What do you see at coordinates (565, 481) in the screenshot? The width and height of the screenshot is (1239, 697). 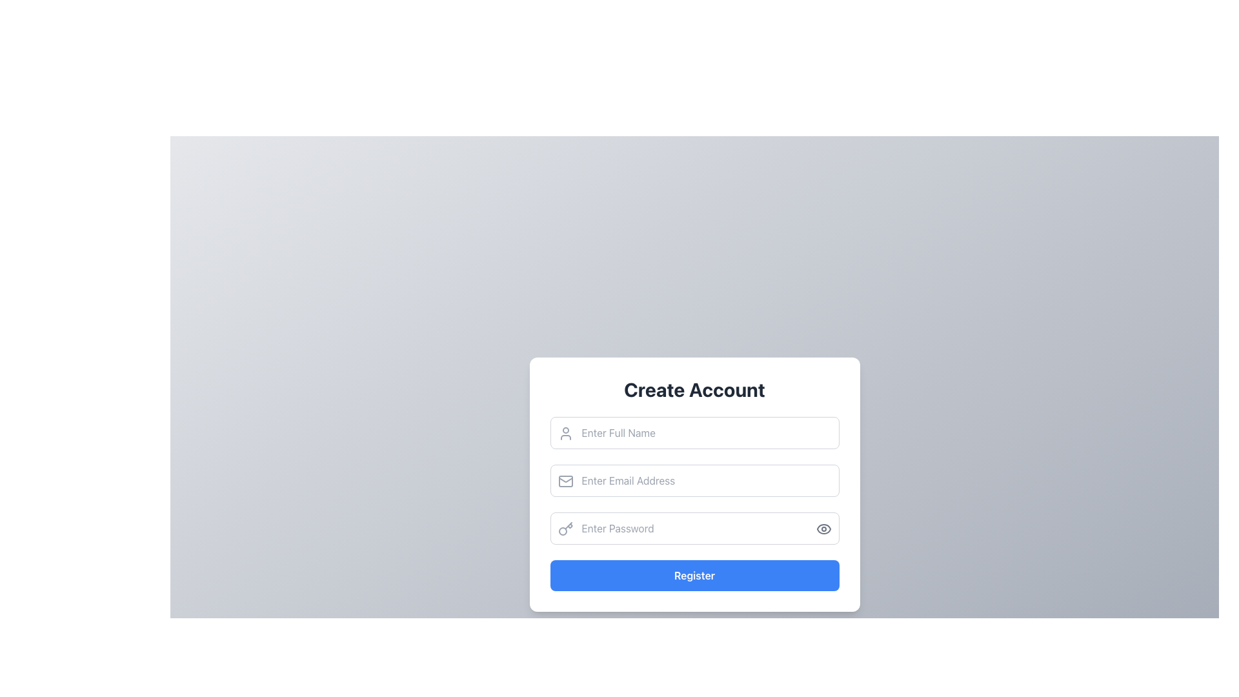 I see `the small mail icon located within the 'Enter Email Address' input field, positioned to the left of the placeholder text` at bounding box center [565, 481].